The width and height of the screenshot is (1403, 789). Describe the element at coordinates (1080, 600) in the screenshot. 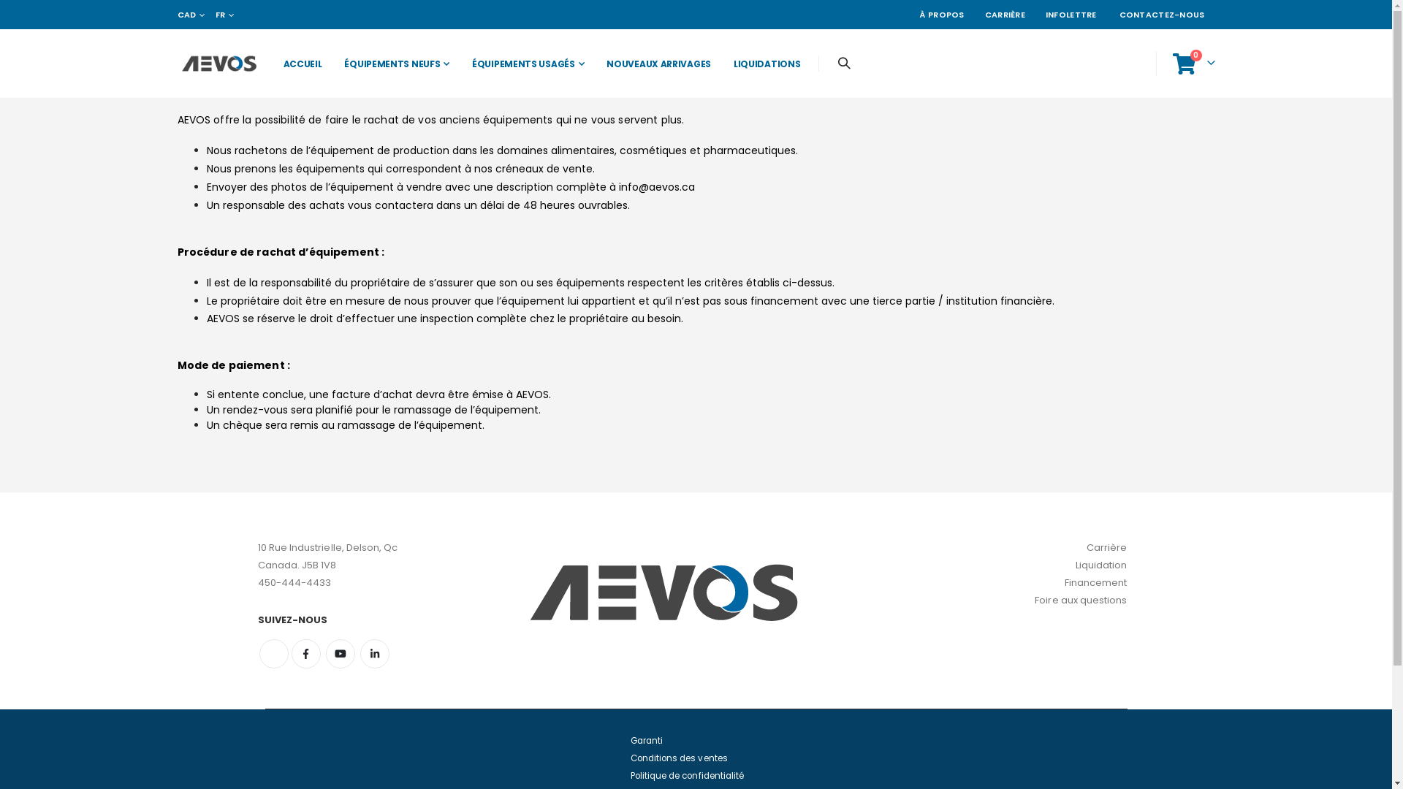

I see `'Foire aux questions'` at that location.